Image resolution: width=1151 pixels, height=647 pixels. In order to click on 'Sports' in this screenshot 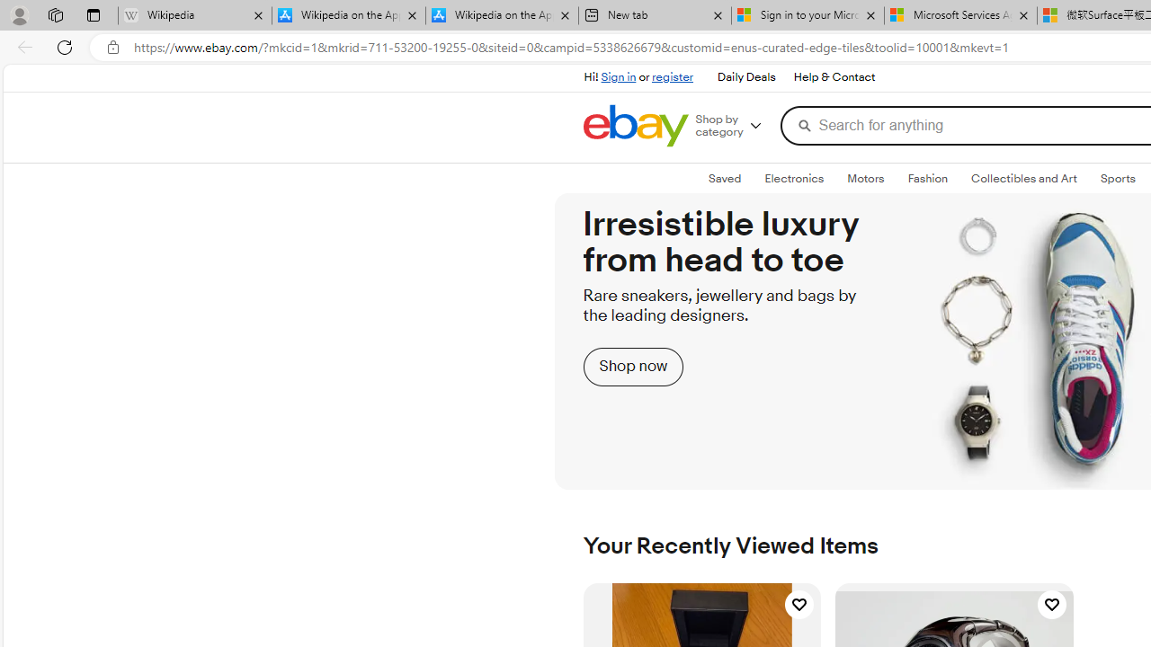, I will do `click(1117, 179)`.